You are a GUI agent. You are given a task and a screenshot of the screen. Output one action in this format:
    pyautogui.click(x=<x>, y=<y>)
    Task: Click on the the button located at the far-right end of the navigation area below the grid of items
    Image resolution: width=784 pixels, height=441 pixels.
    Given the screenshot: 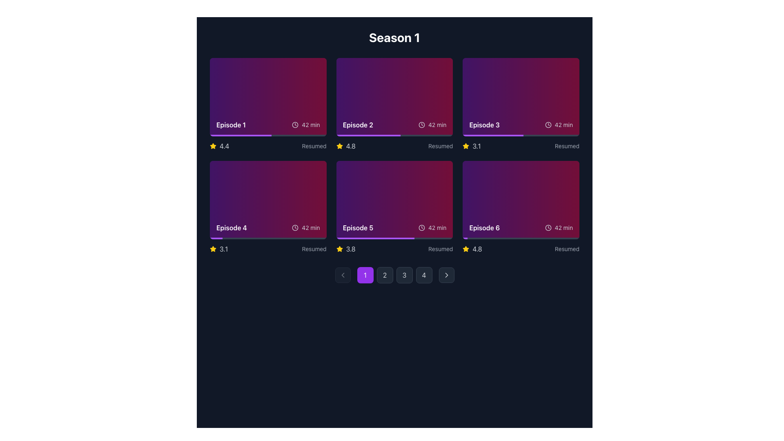 What is the action you would take?
    pyautogui.click(x=446, y=275)
    